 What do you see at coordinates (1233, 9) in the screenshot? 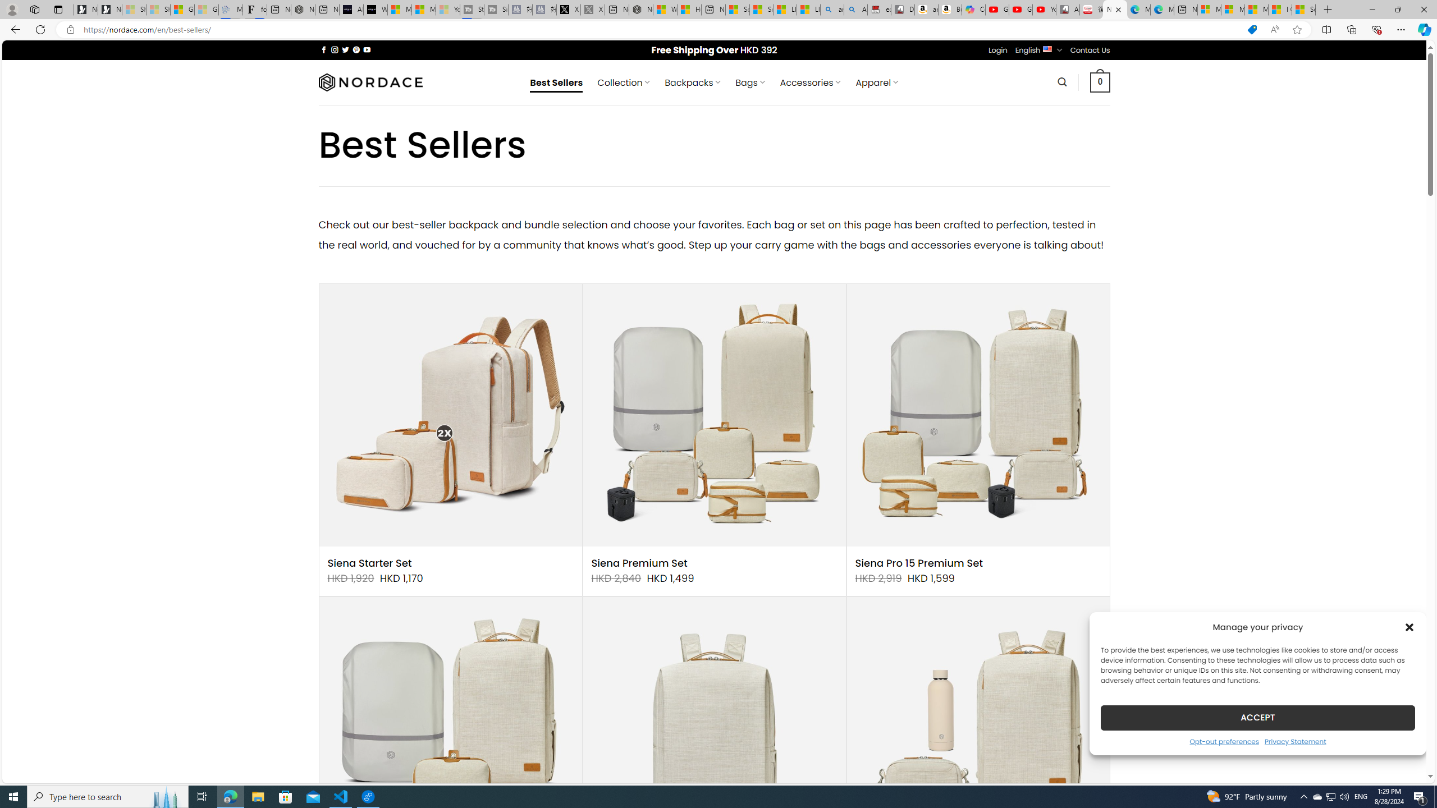
I see `'Microsoft account | Privacy'` at bounding box center [1233, 9].